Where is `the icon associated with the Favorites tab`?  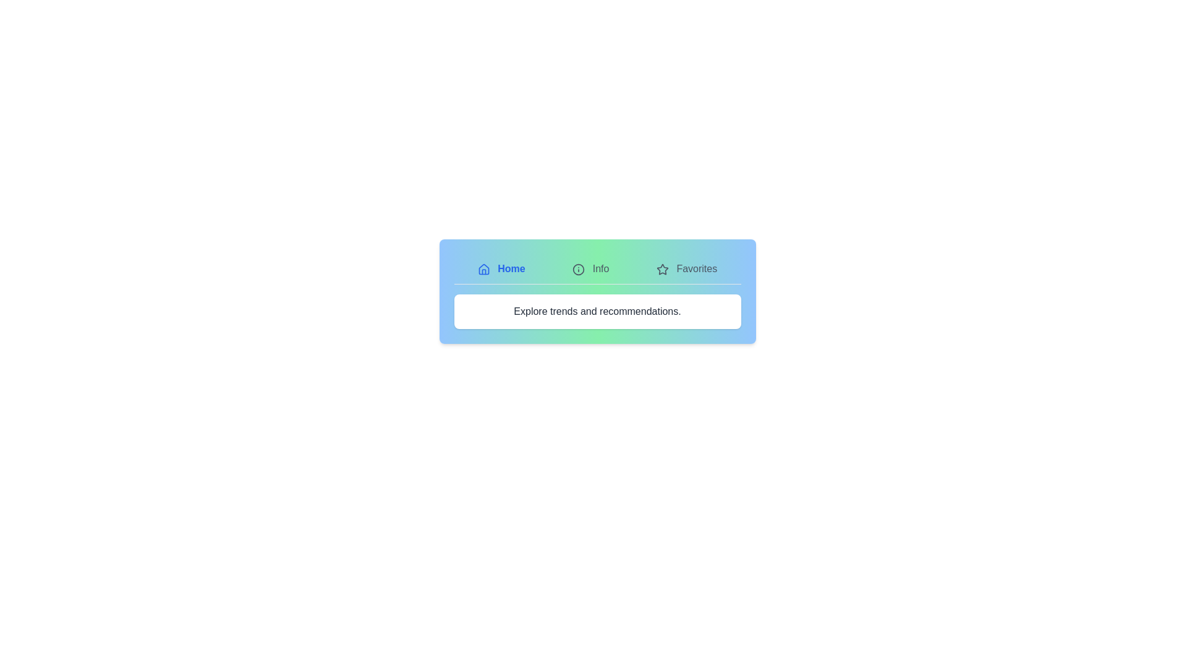 the icon associated with the Favorites tab is located at coordinates (662, 268).